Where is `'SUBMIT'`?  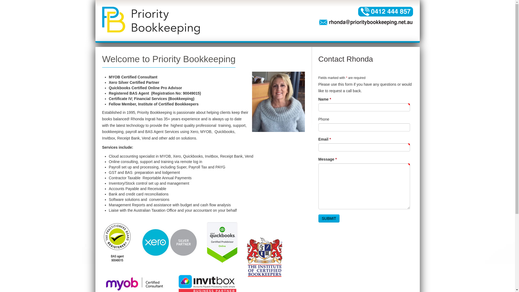
'SUBMIT' is located at coordinates (329, 218).